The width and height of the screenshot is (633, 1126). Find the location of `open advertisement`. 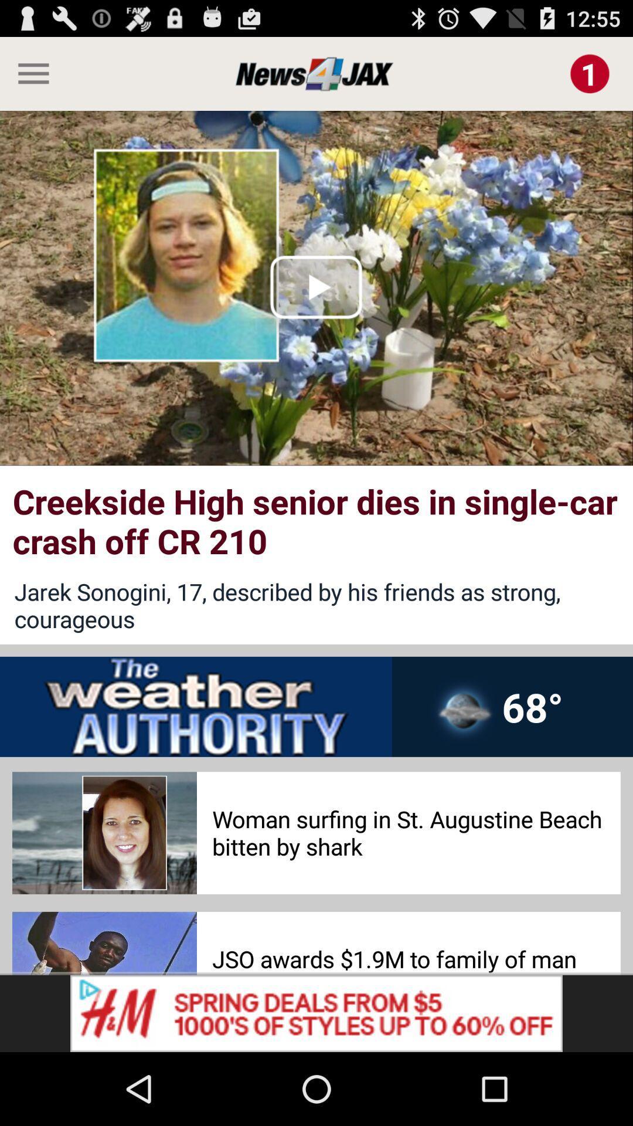

open advertisement is located at coordinates (316, 1013).